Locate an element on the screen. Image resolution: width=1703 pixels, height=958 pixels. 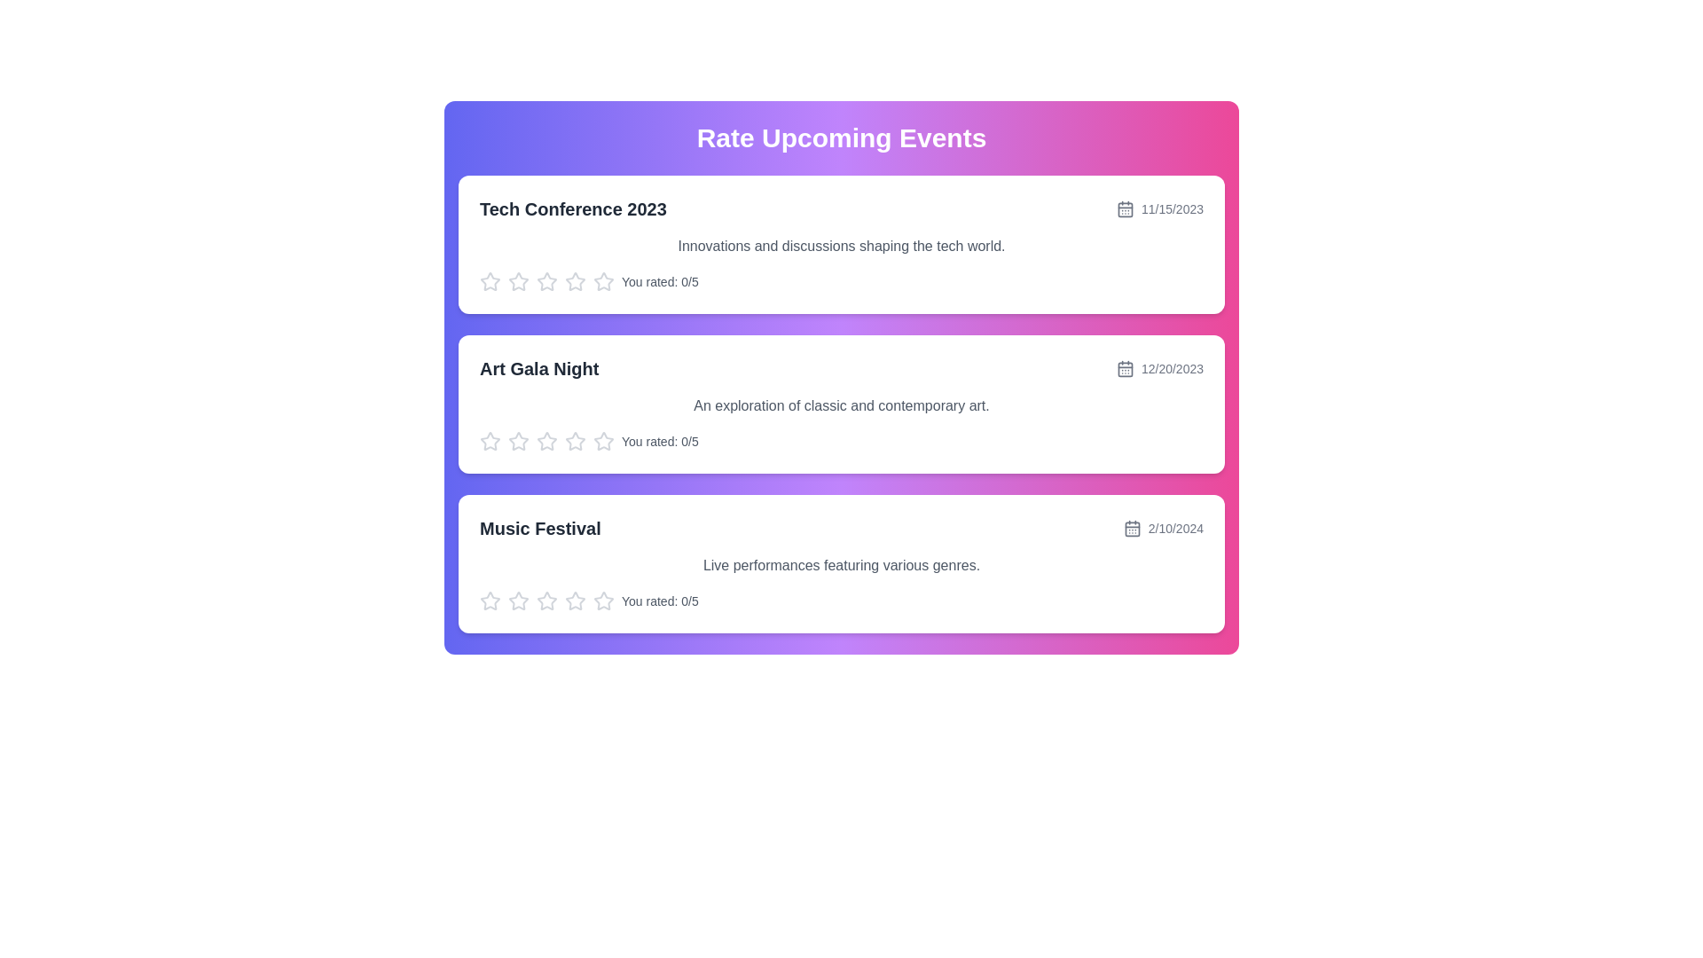
the first star icon in the 'Art Gala Night' section is located at coordinates (604, 440).